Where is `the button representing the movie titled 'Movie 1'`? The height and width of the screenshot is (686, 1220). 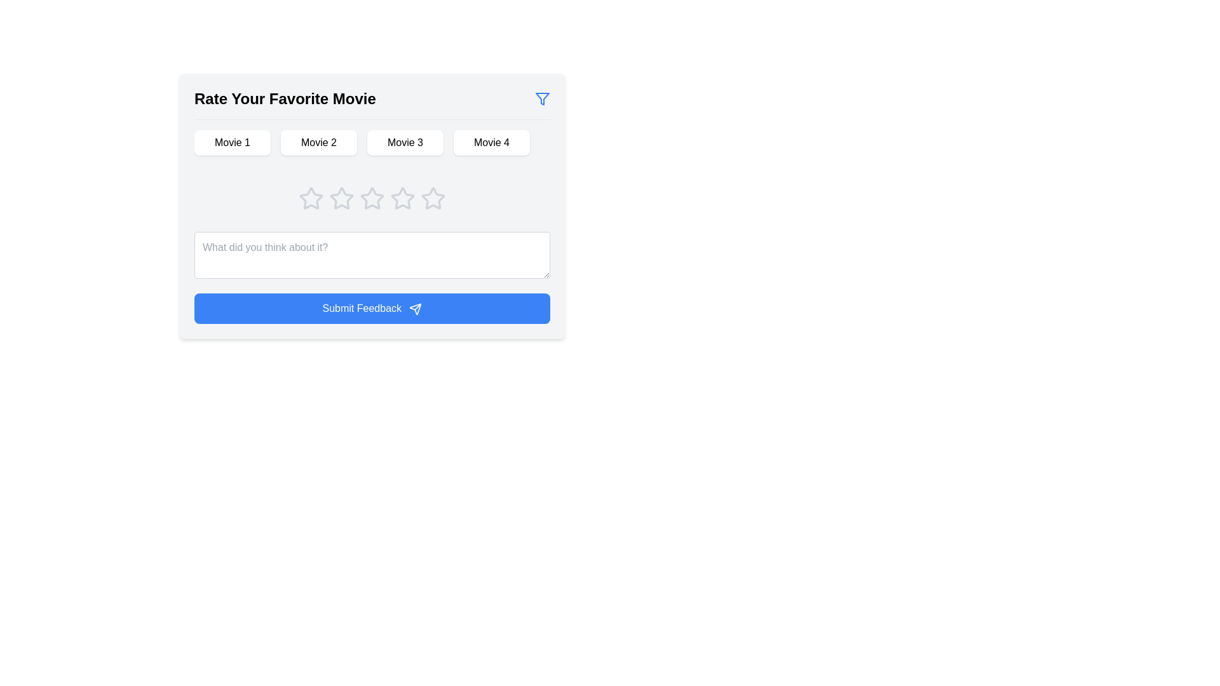
the button representing the movie titled 'Movie 1' is located at coordinates (232, 142).